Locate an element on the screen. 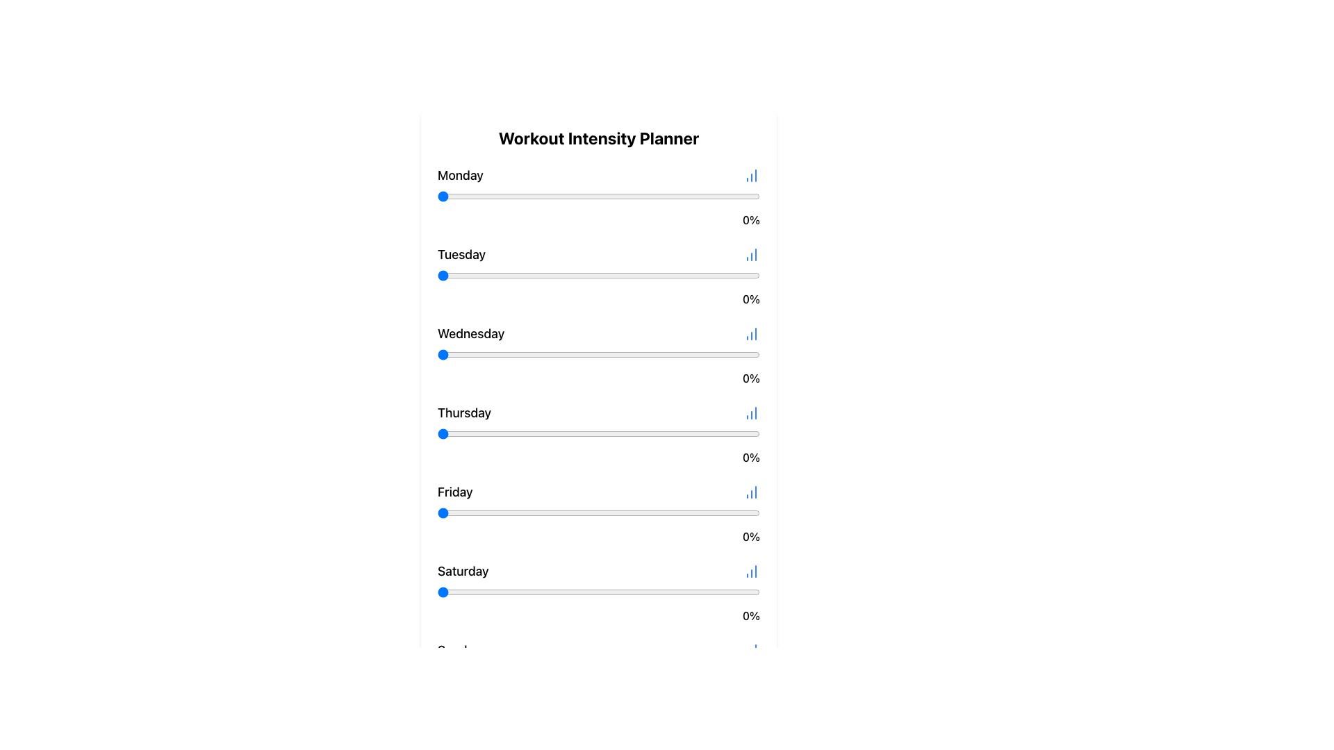 The image size is (1334, 750). the Thursday intensity is located at coordinates (463, 433).